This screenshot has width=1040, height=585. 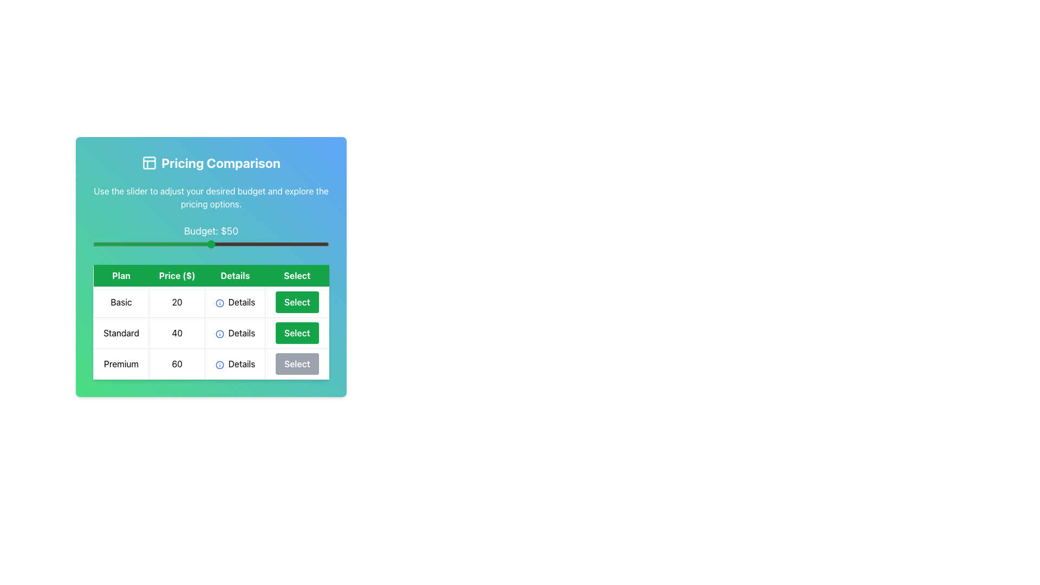 What do you see at coordinates (211, 198) in the screenshot?
I see `instructions displayed in the text element located below the 'Pricing Comparison' title and above the 'Budget: $50' caption, which helps the user understand how to use the slider for adjusting the budget` at bounding box center [211, 198].